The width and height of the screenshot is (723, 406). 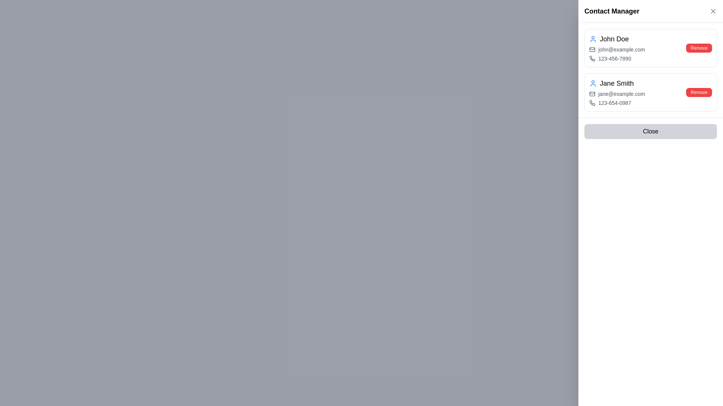 I want to click on the user icon, which is a blue silhouette of a person, located to the left of 'Jane Smith' in the contact list, so click(x=592, y=83).